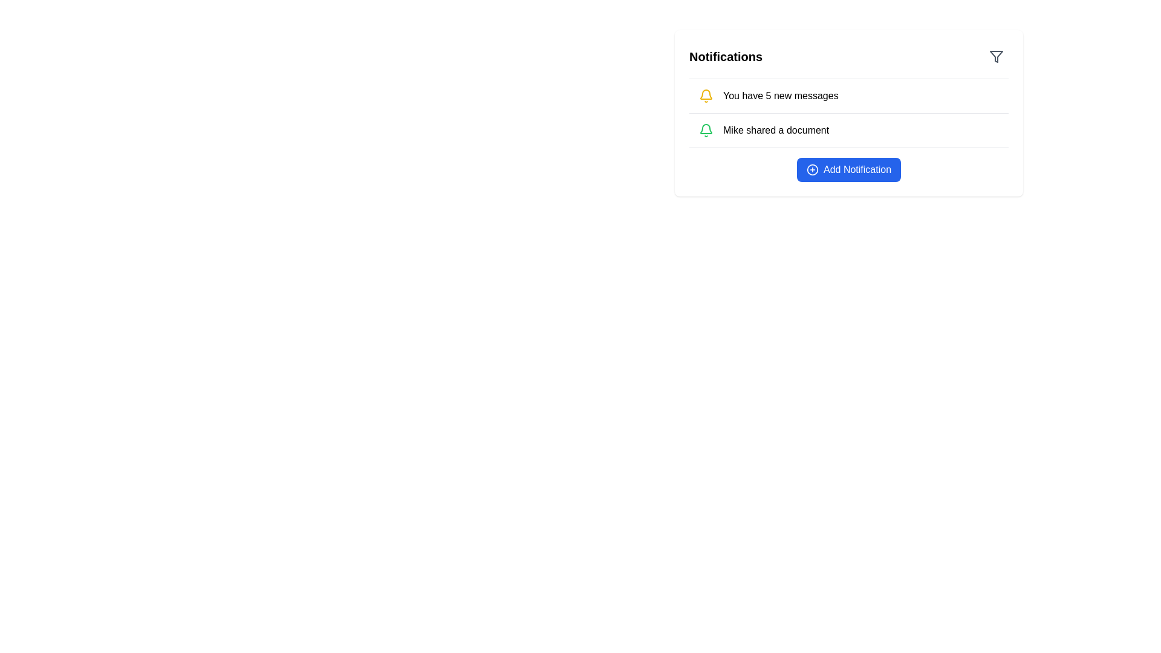 This screenshot has height=653, width=1161. Describe the element at coordinates (706, 95) in the screenshot. I see `the yellow bell icon representing notifications` at that location.